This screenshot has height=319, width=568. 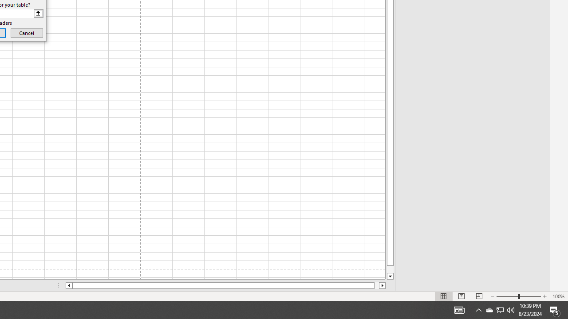 I want to click on 'Page down', so click(x=390, y=269).